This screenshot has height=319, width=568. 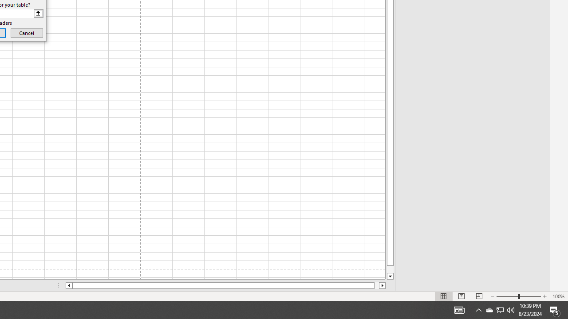 I want to click on 'Page down', so click(x=390, y=269).